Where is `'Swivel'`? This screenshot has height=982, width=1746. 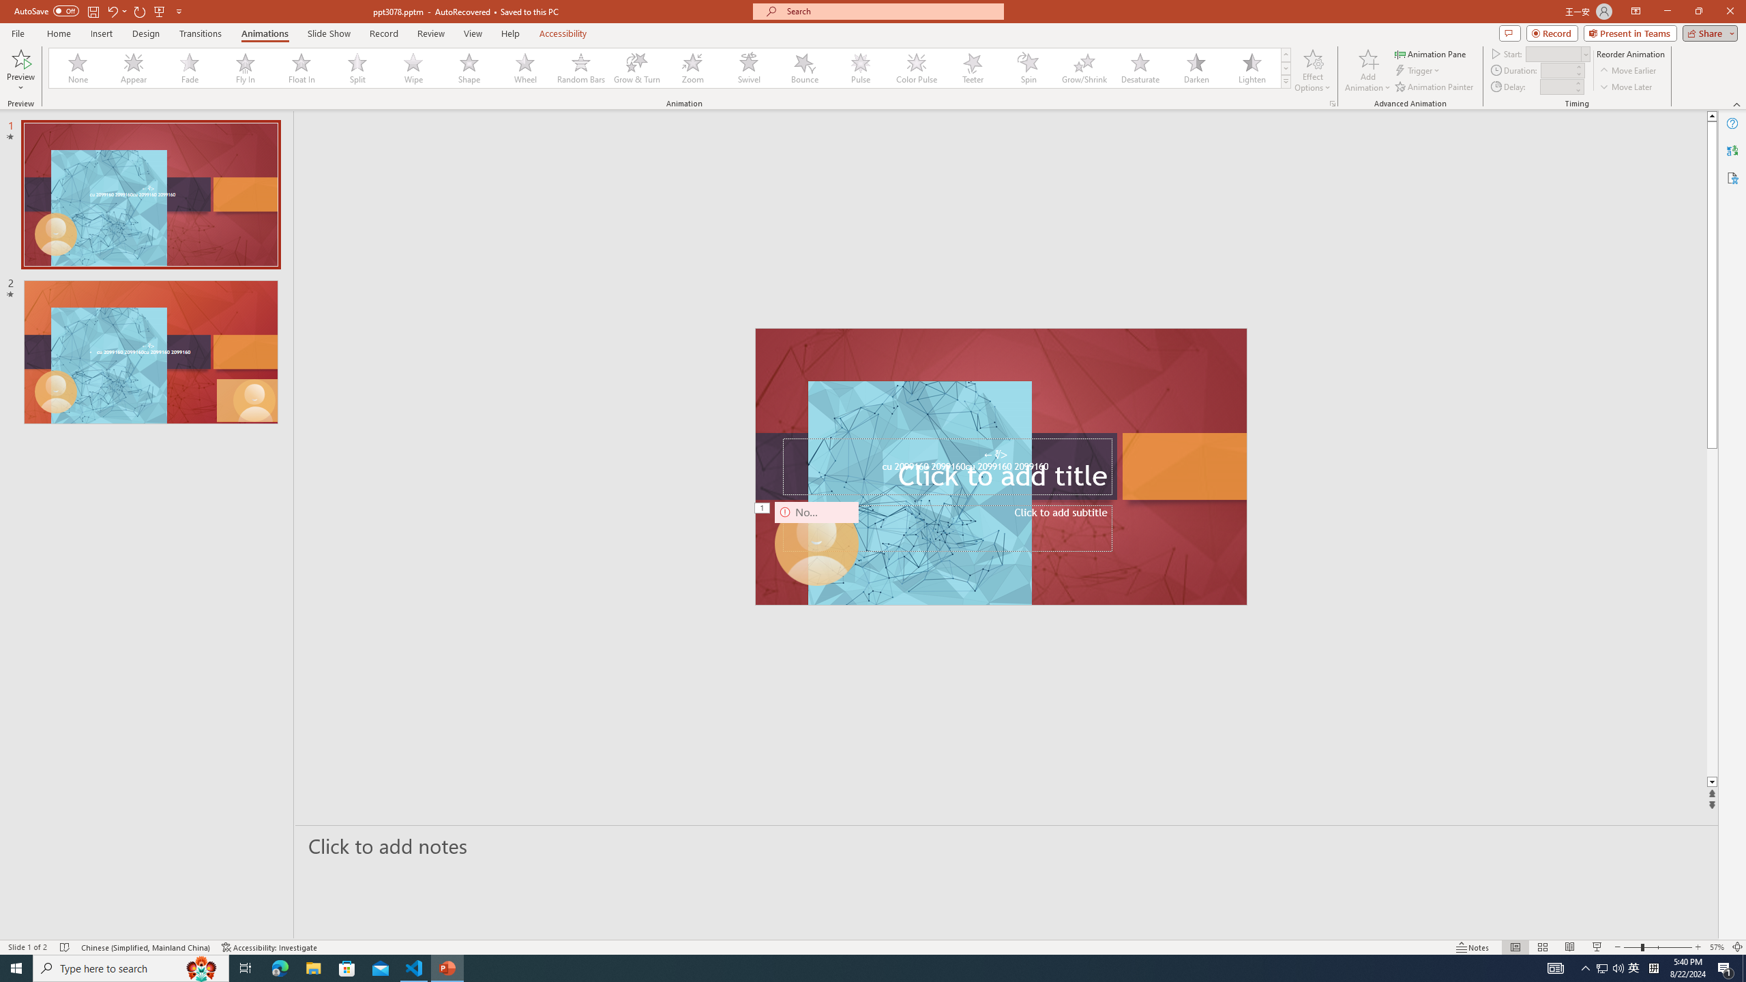 'Swivel' is located at coordinates (748, 68).